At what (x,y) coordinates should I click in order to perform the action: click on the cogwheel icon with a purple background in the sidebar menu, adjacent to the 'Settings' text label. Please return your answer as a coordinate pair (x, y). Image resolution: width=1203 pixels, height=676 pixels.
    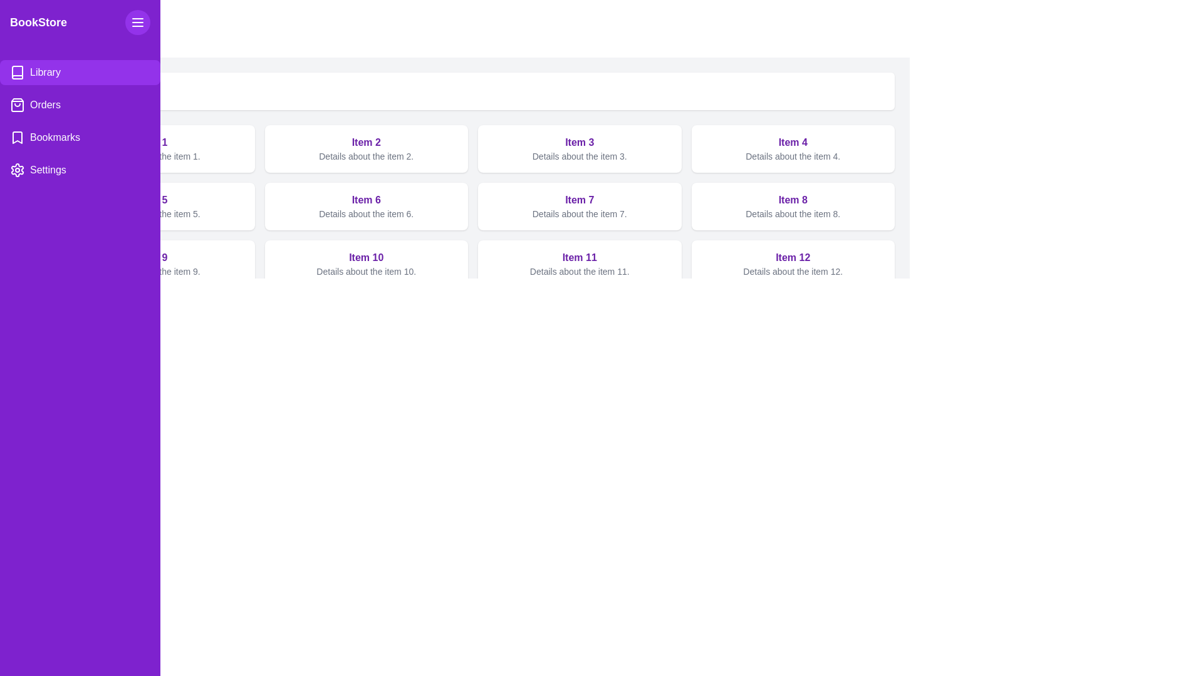
    Looking at the image, I should click on (18, 170).